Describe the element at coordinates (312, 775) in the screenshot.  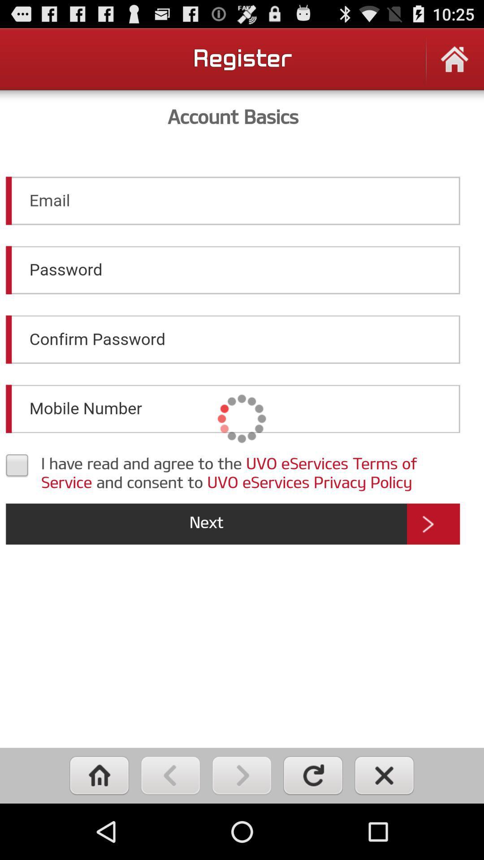
I see `refresh page` at that location.